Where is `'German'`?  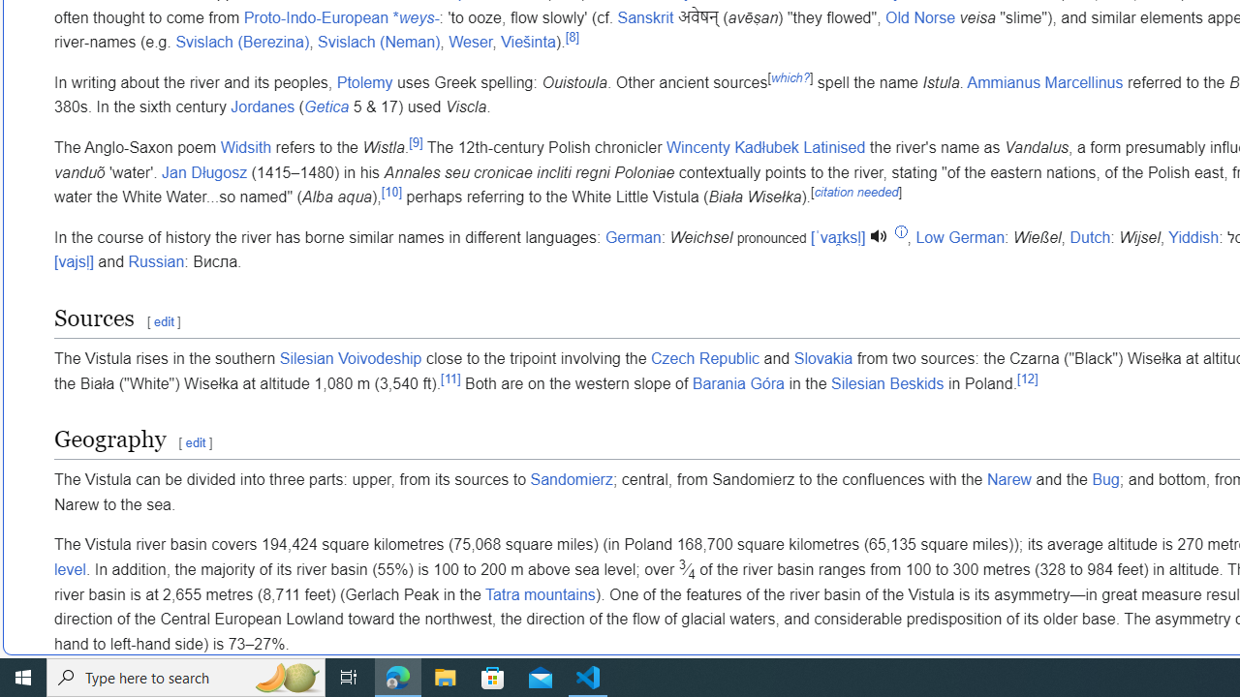
'German' is located at coordinates (634, 236).